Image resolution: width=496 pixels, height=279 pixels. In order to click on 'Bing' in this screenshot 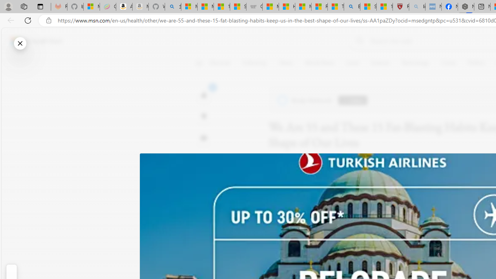, I will do `click(351, 7)`.